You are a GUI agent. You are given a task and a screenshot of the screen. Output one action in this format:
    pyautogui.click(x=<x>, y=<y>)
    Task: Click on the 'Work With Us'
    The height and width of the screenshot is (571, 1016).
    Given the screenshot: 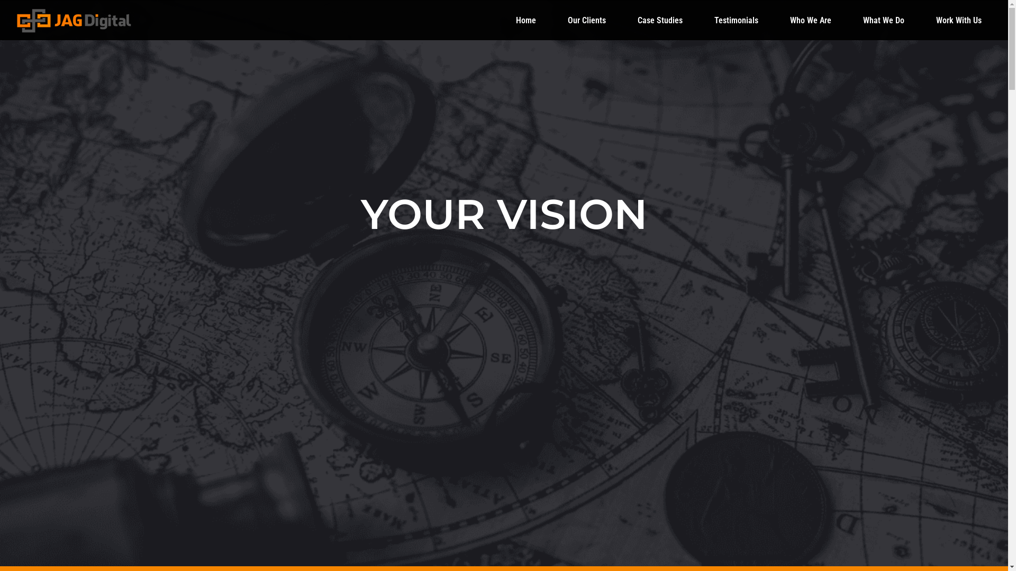 What is the action you would take?
    pyautogui.click(x=958, y=20)
    